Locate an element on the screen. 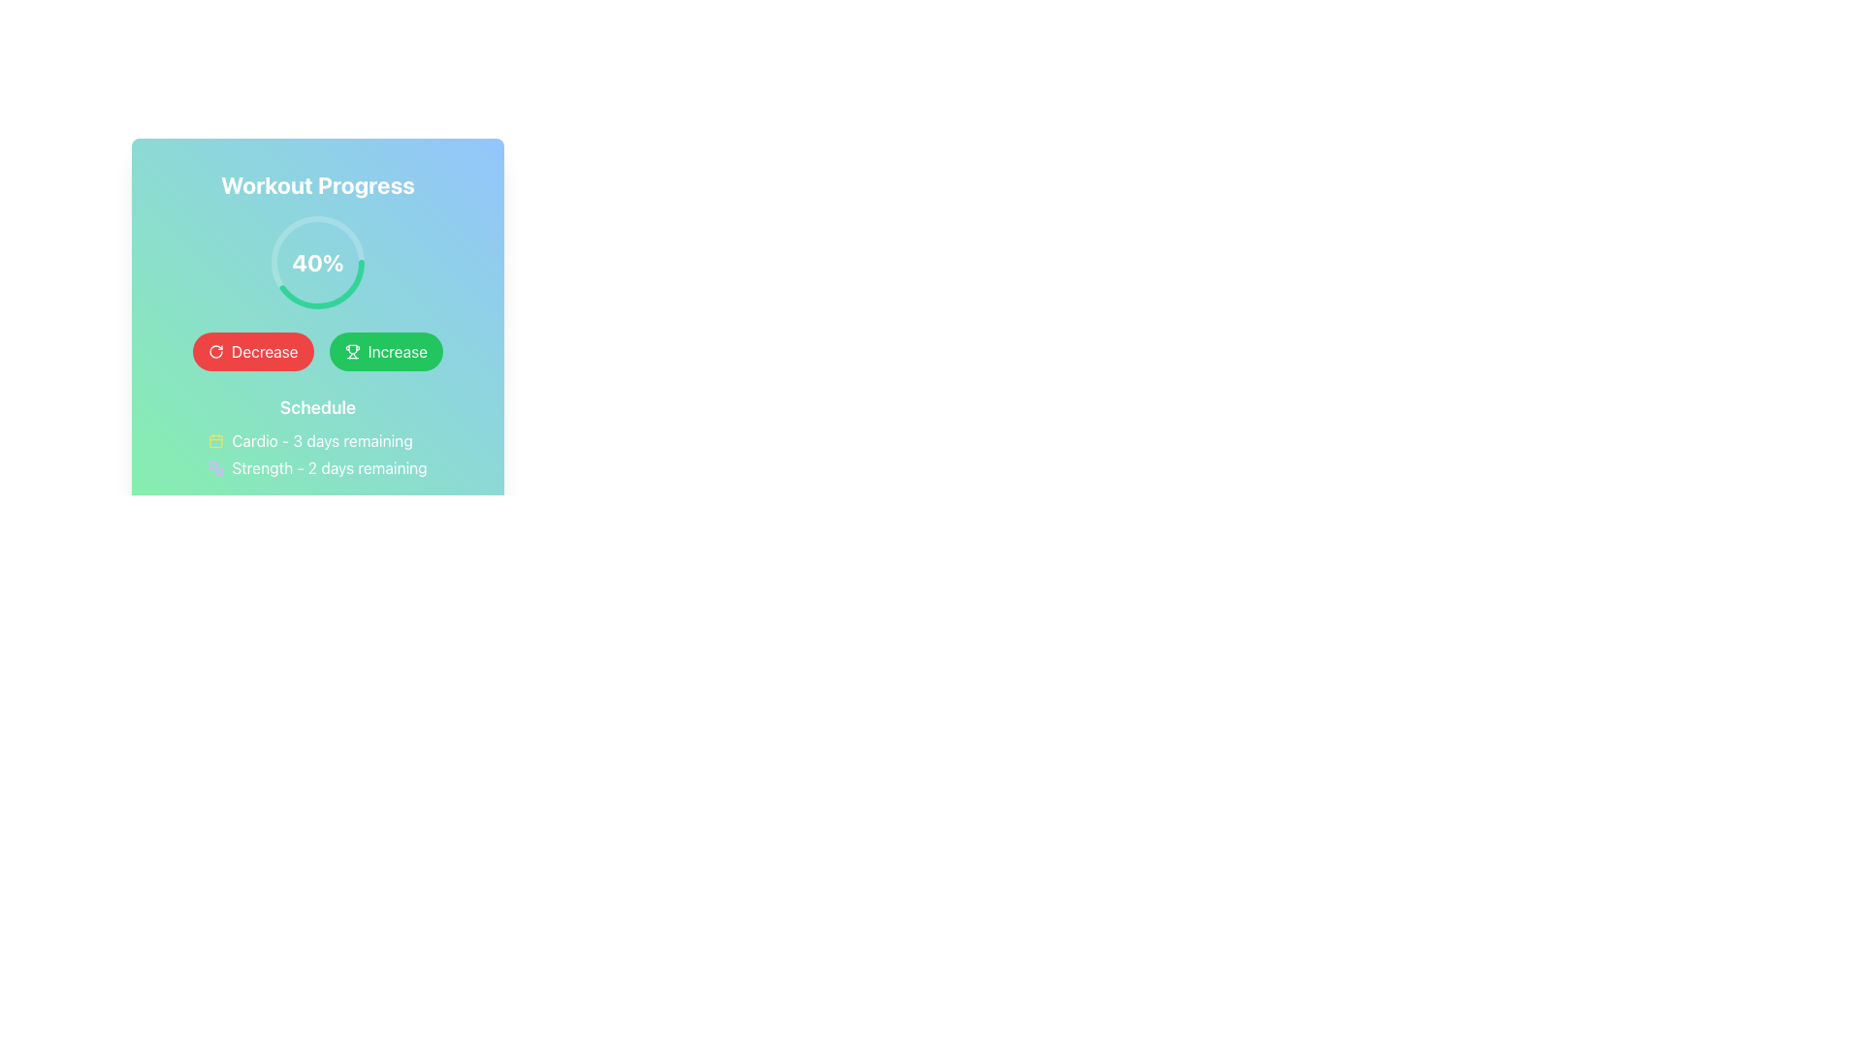 Image resolution: width=1862 pixels, height=1047 pixels. the green 'Increase' button with rounded edges, featuring a white trophy icon and white text is located at coordinates (386, 351).